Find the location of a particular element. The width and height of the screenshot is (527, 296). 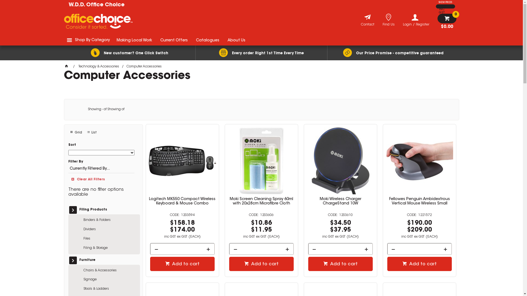

'Chairs & Accessories' is located at coordinates (110, 270).